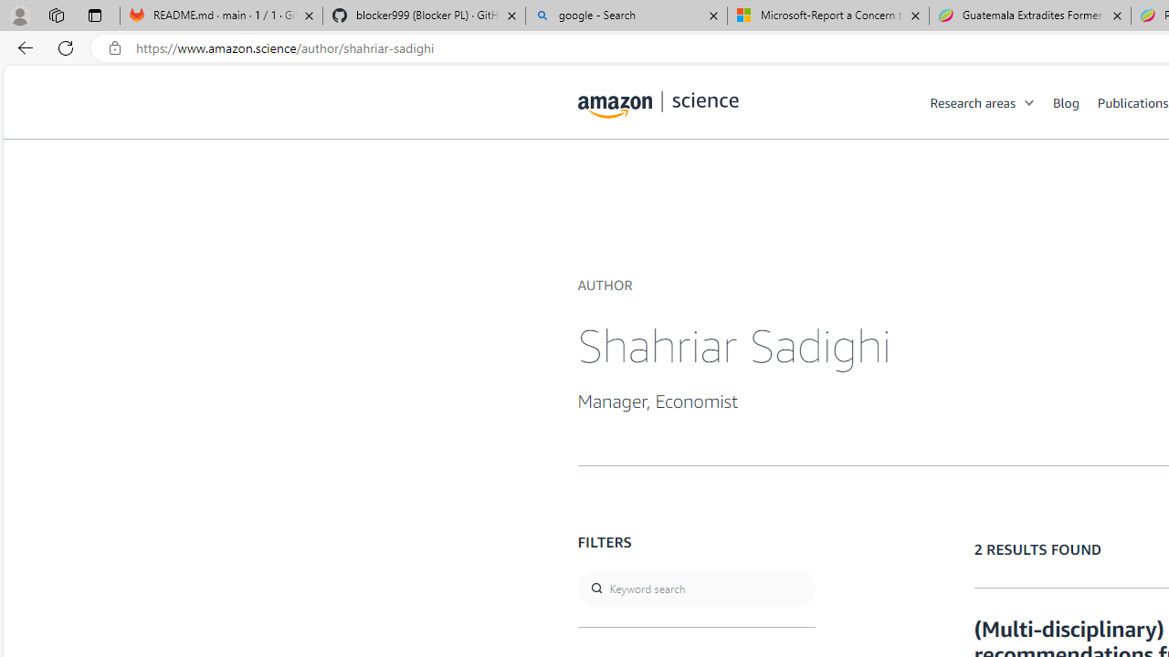 This screenshot has height=657, width=1169. Describe the element at coordinates (1030, 101) in the screenshot. I see `'Open Sub Navigation'` at that location.